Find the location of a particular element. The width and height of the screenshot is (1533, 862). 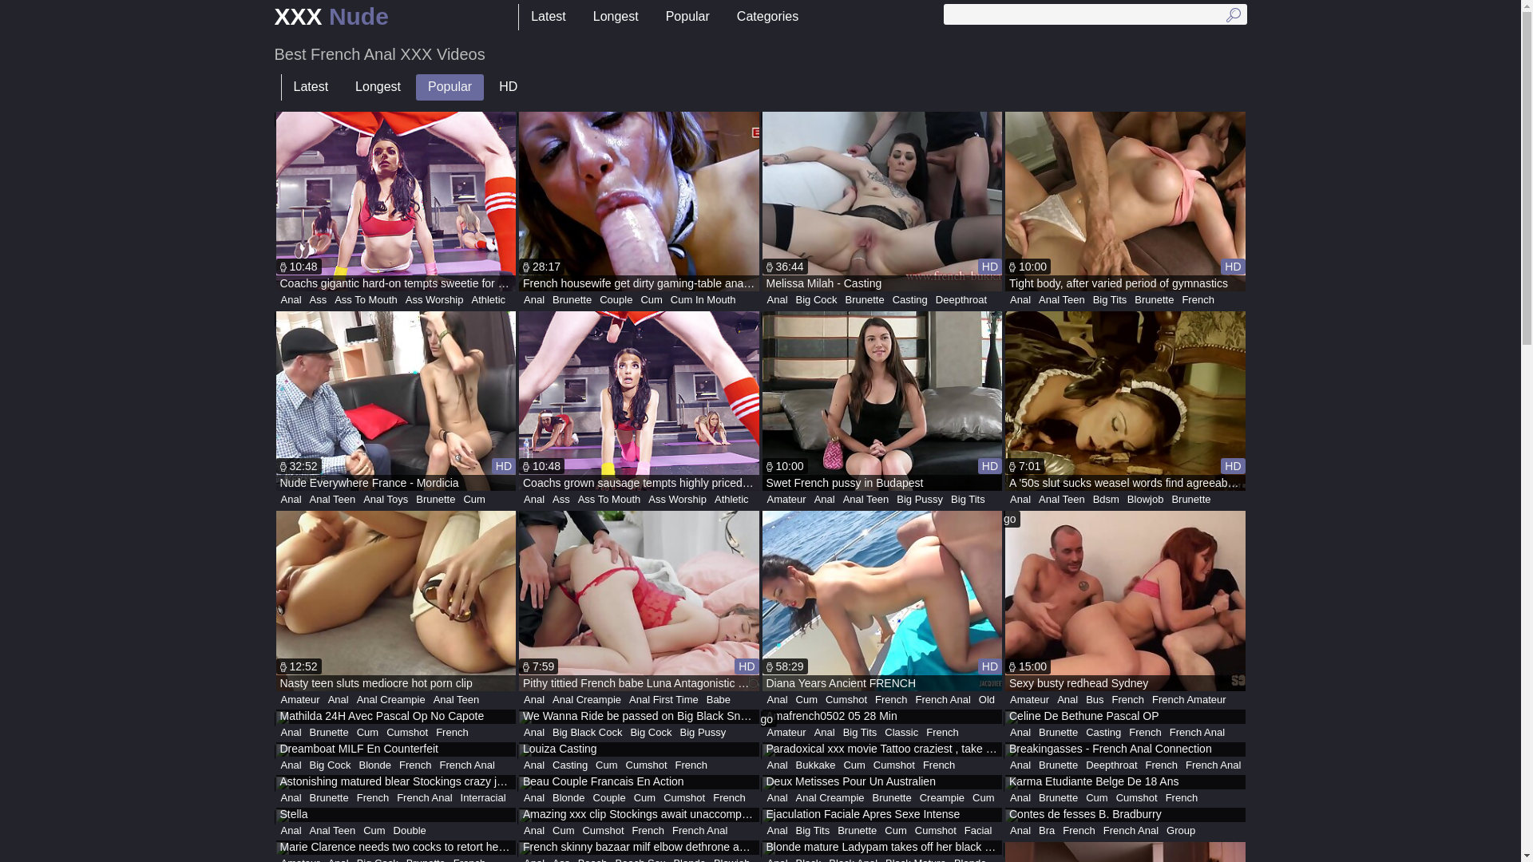

'French' is located at coordinates (371, 797).